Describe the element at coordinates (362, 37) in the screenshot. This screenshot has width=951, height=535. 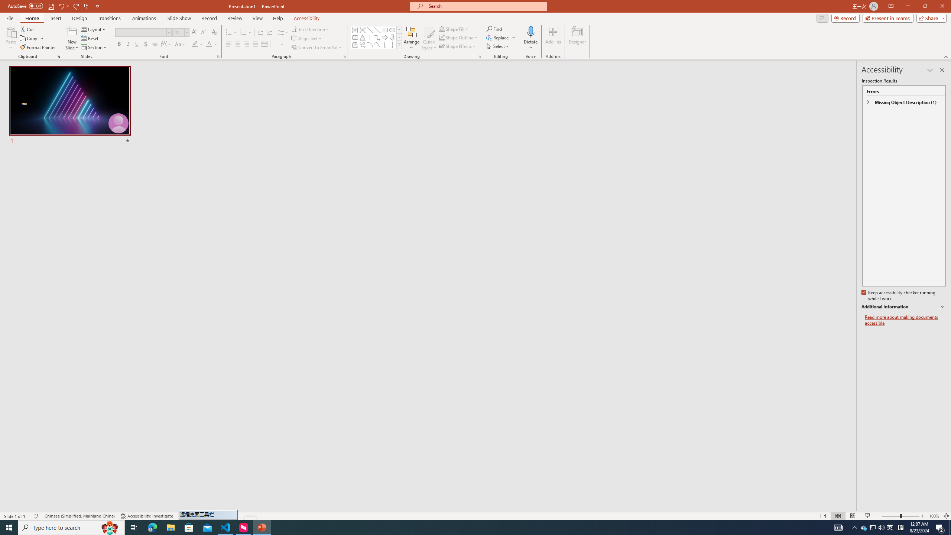
I see `'Isosceles Triangle'` at that location.